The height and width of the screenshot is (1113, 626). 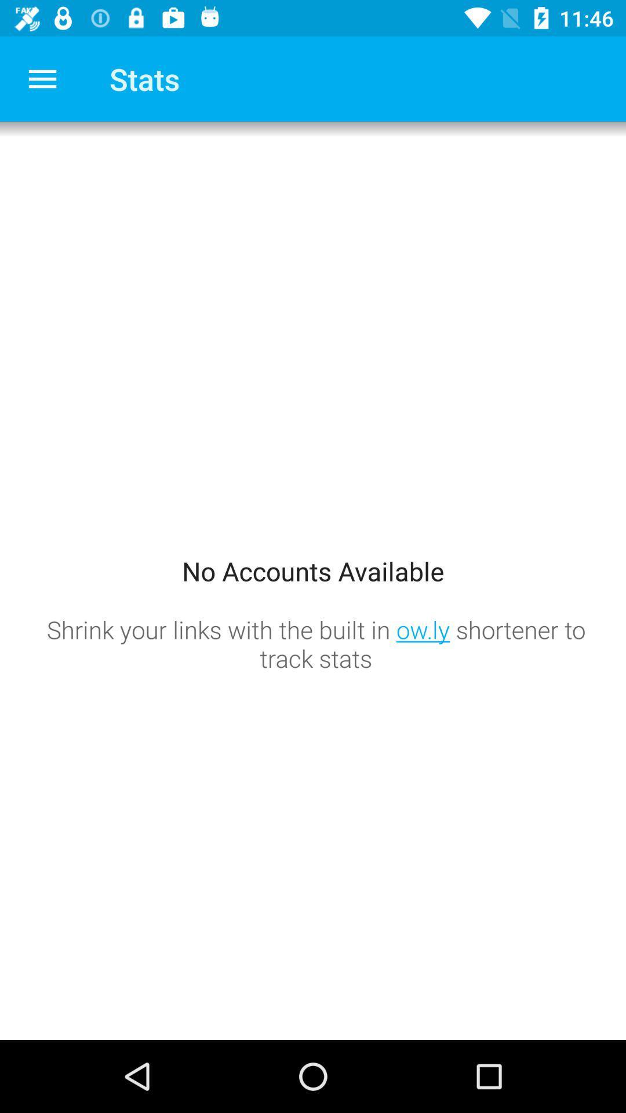 I want to click on the item next to stats item, so click(x=42, y=78).